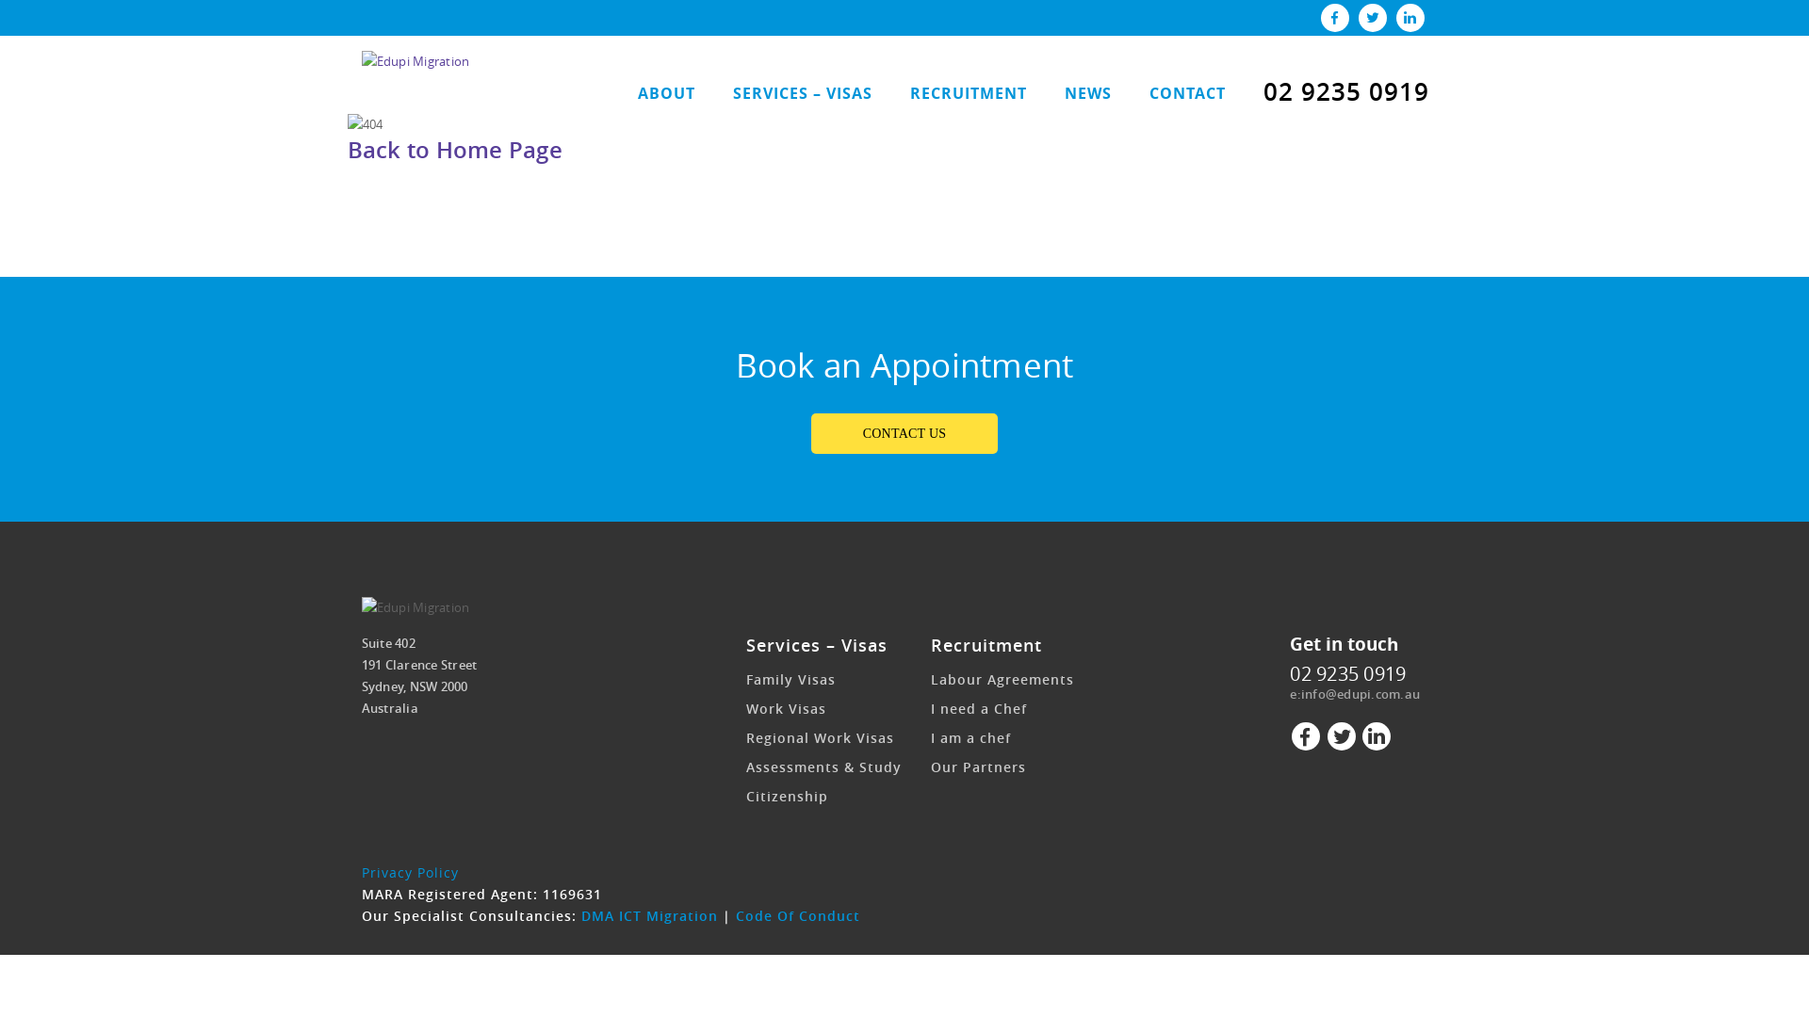 This screenshot has height=1017, width=1809. I want to click on '02 9235 0919', so click(1346, 672).